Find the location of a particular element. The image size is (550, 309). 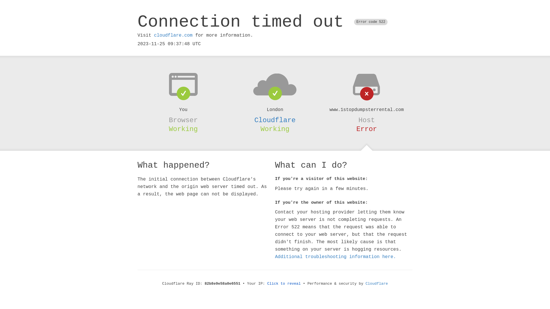

'cloudflare.com' is located at coordinates (173, 35).